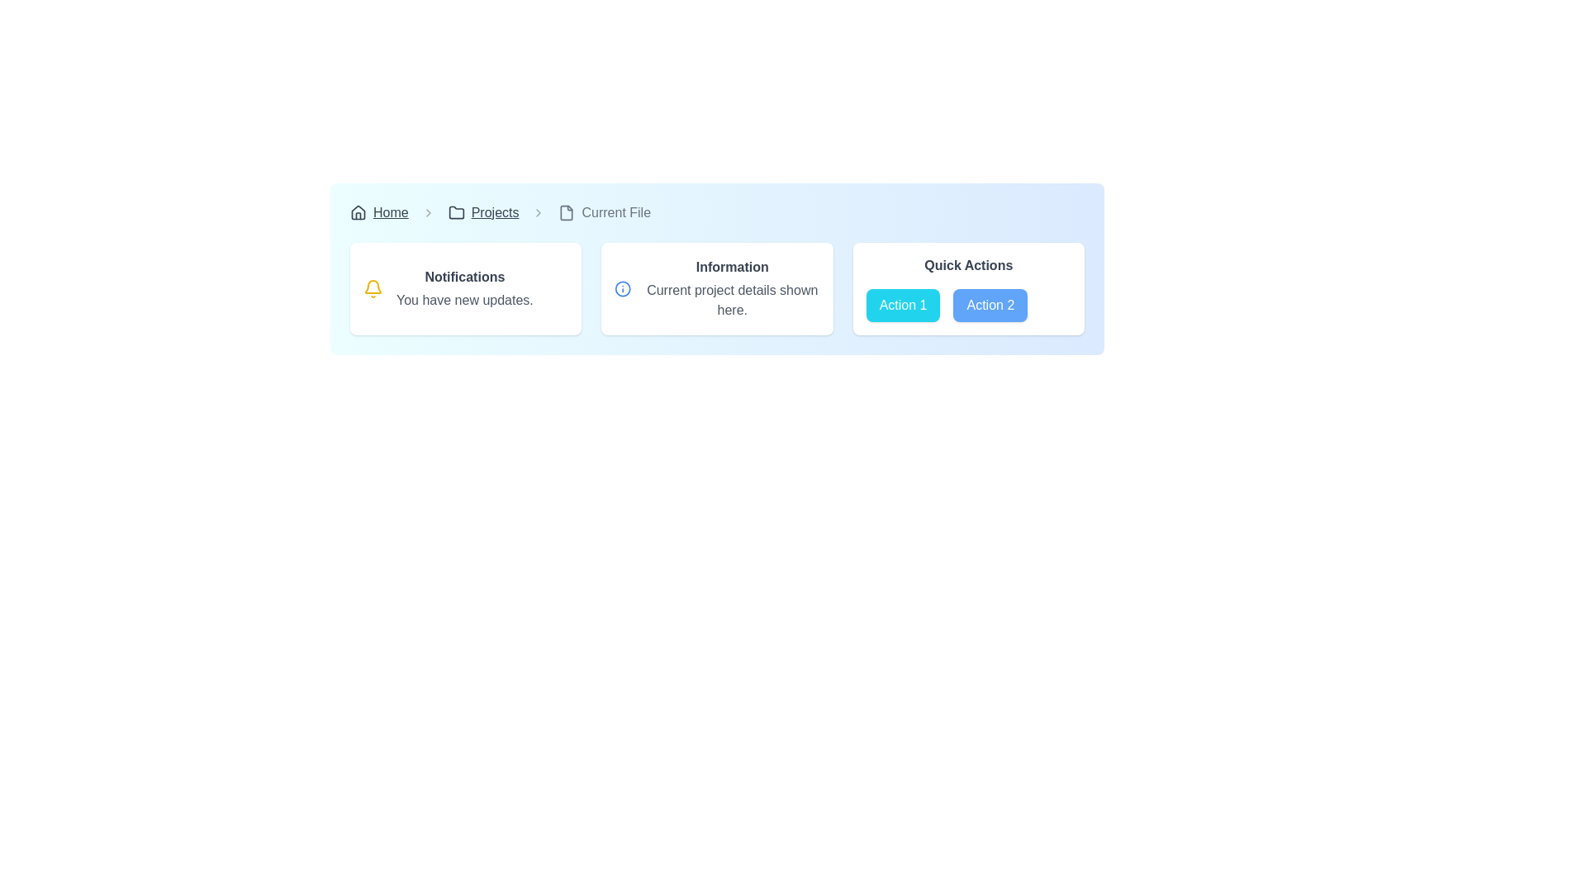 The width and height of the screenshot is (1586, 892). What do you see at coordinates (456, 211) in the screenshot?
I see `the folder icon in the breadcrumb navigation bar, which is the second clickable icon` at bounding box center [456, 211].